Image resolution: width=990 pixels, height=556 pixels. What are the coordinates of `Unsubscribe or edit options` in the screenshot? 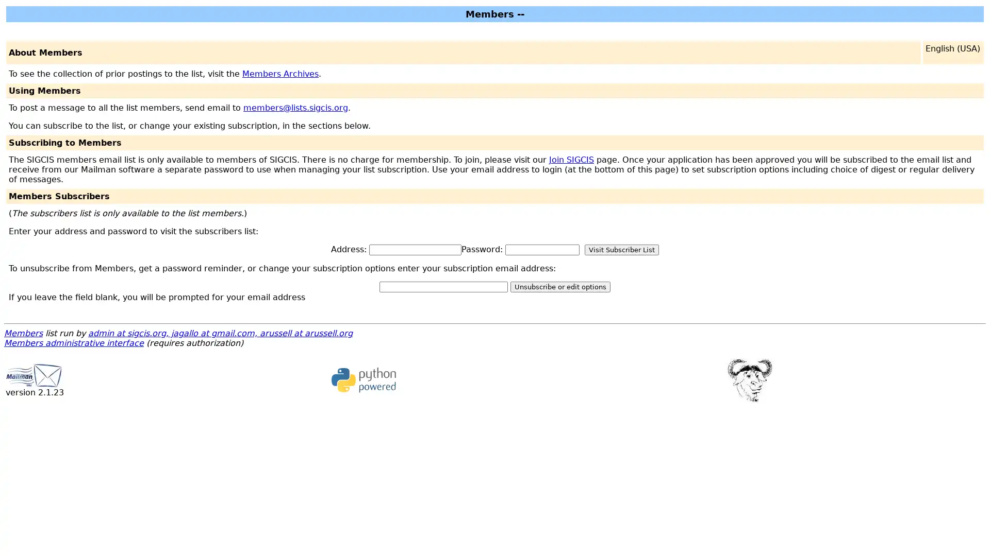 It's located at (559, 287).